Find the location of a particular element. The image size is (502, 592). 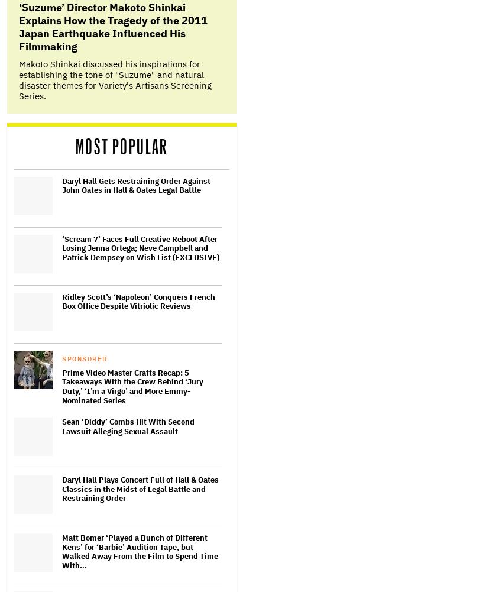

'Matt Bomer ‘Played a Bunch of Different Kens’ for ‘Barbie’ Audition Tape, but Walked Away From the Film to Spend Time With…' is located at coordinates (140, 551).